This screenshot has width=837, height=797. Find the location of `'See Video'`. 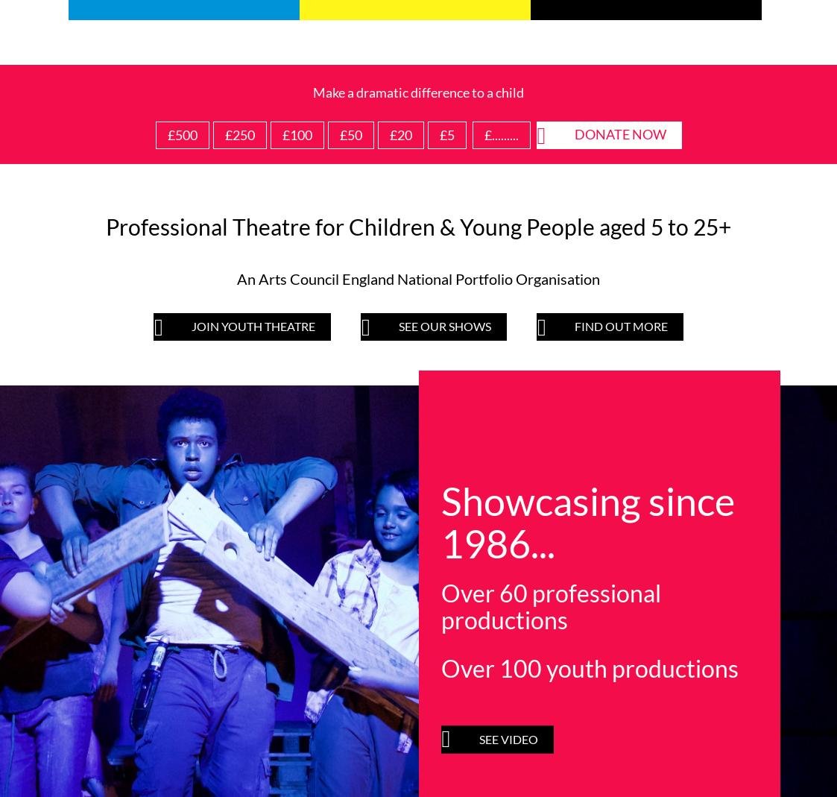

'See Video' is located at coordinates (514, 126).